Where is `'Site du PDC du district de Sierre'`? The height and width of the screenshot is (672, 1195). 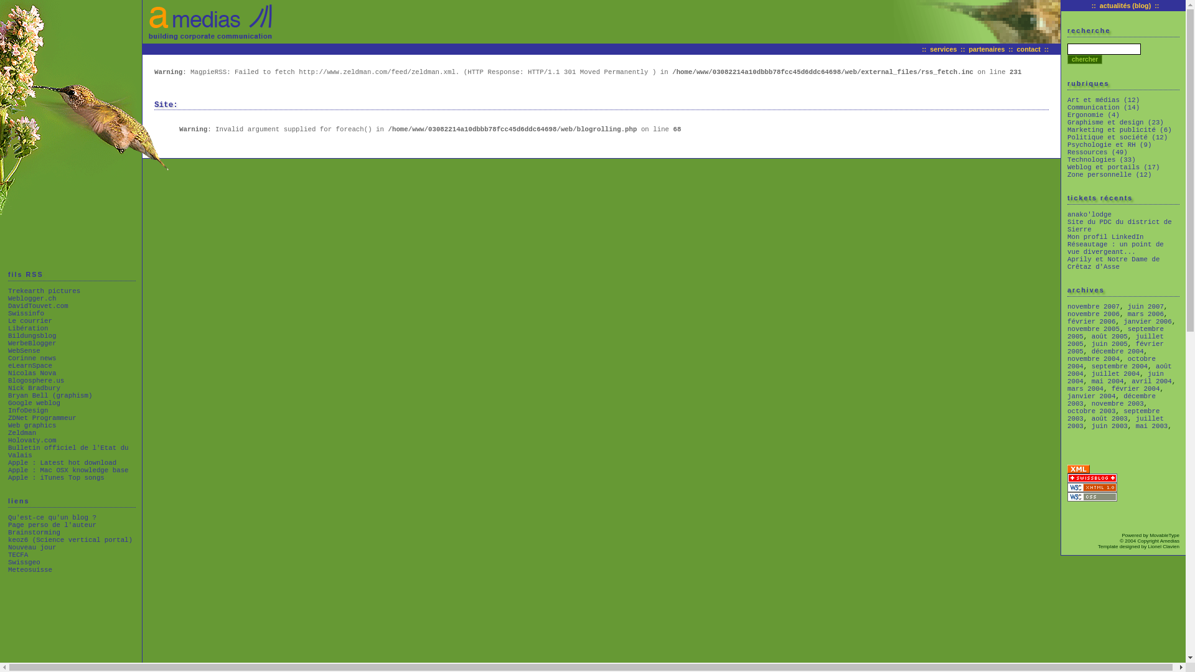 'Site du PDC du district de Sierre' is located at coordinates (1120, 225).